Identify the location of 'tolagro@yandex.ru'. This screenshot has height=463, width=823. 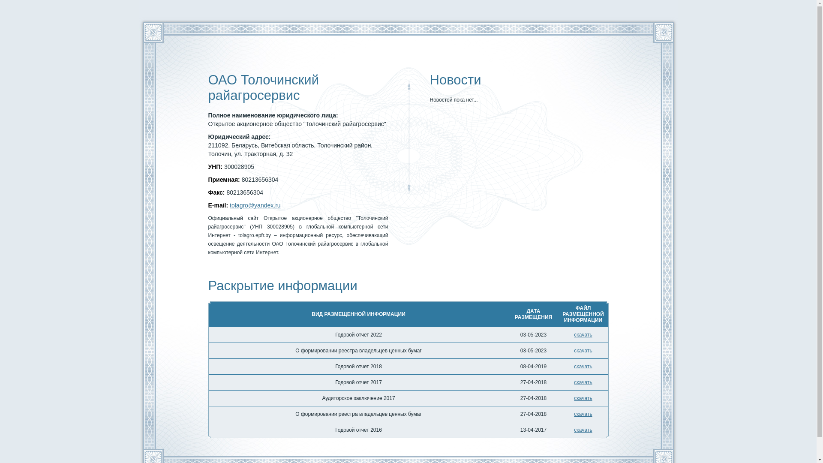
(255, 205).